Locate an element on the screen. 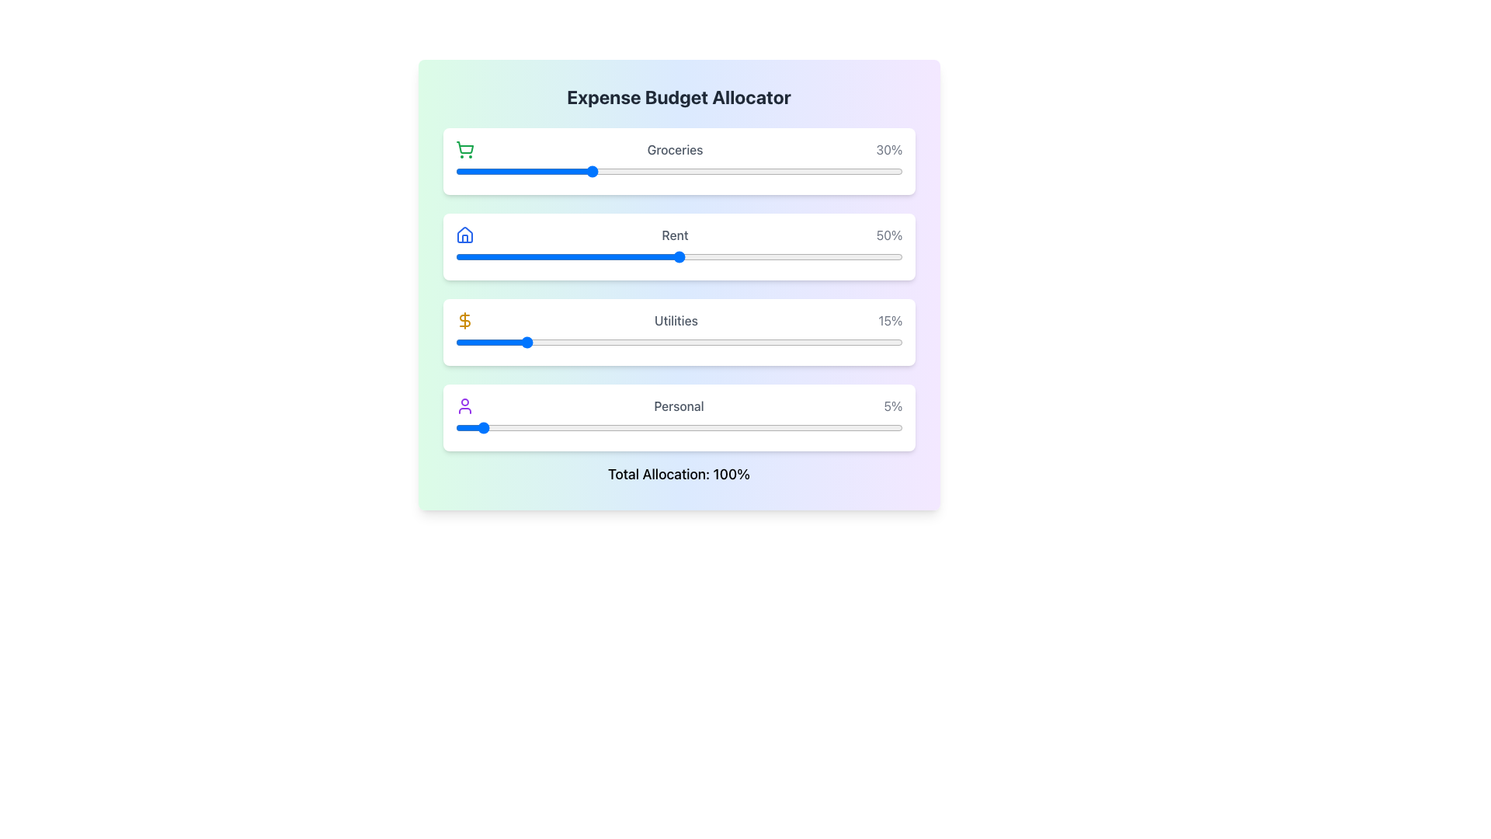 Image resolution: width=1491 pixels, height=839 pixels. utilities allocation is located at coordinates (593, 341).